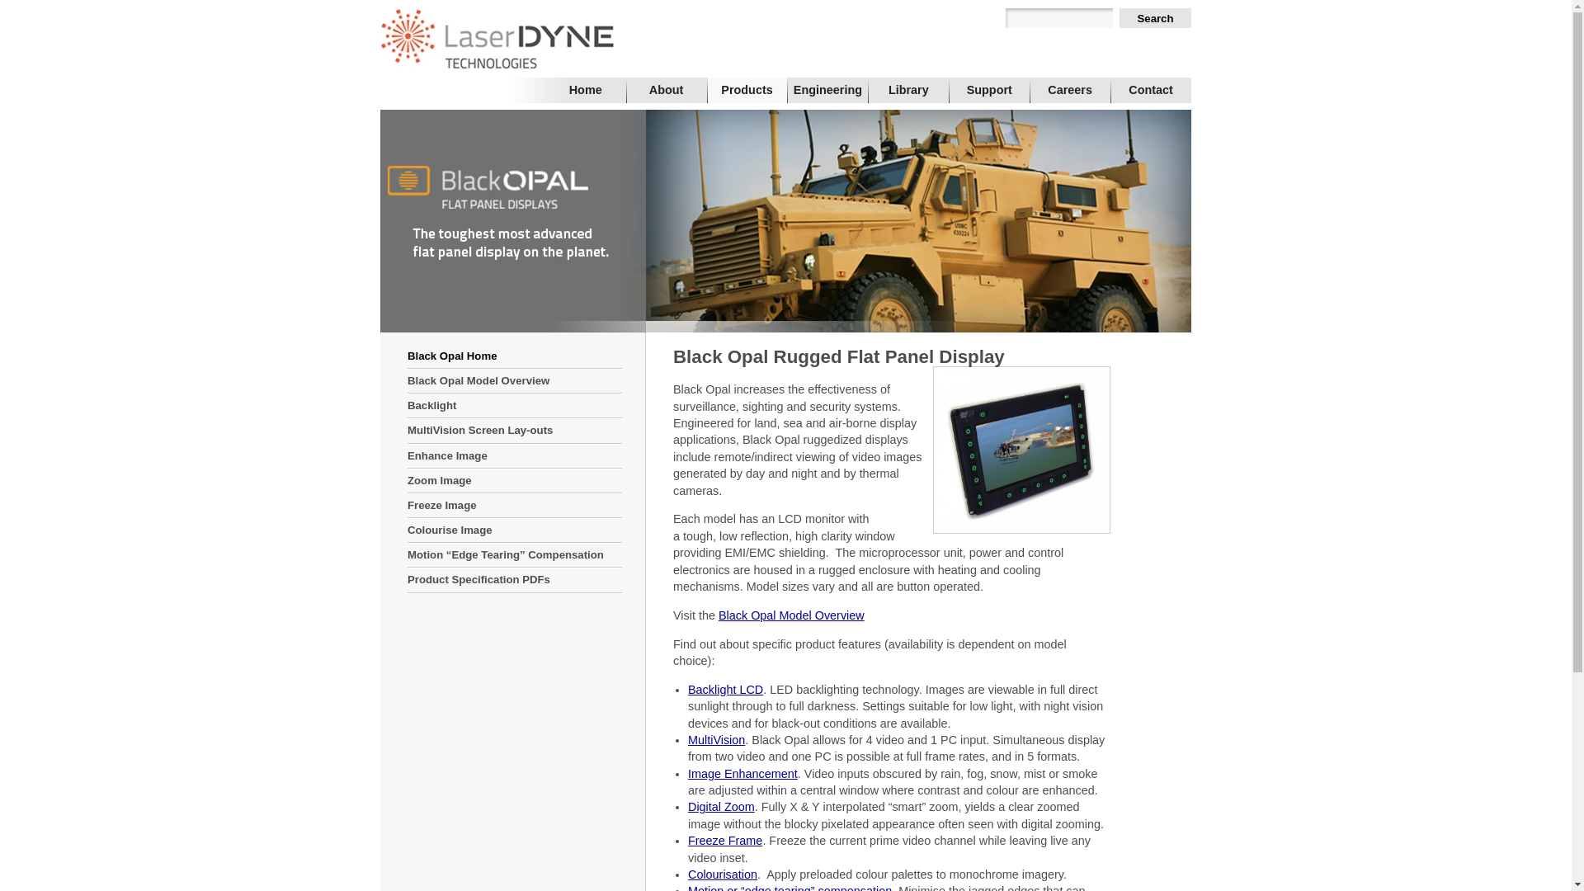  Describe the element at coordinates (907, 90) in the screenshot. I see `'Library'` at that location.